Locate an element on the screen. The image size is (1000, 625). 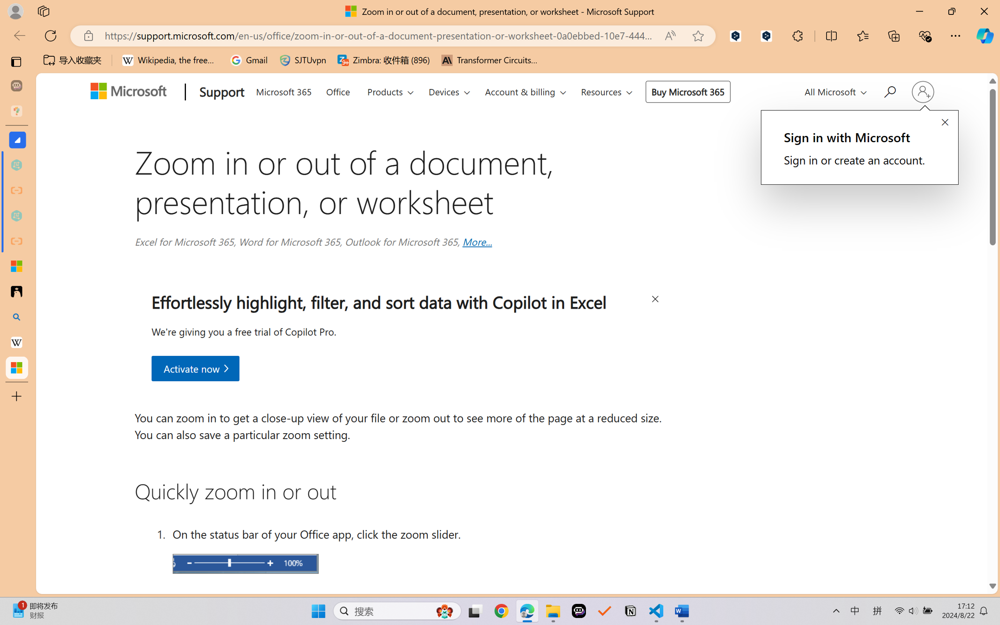
'Transformer Circuits Thread' is located at coordinates (489, 60).